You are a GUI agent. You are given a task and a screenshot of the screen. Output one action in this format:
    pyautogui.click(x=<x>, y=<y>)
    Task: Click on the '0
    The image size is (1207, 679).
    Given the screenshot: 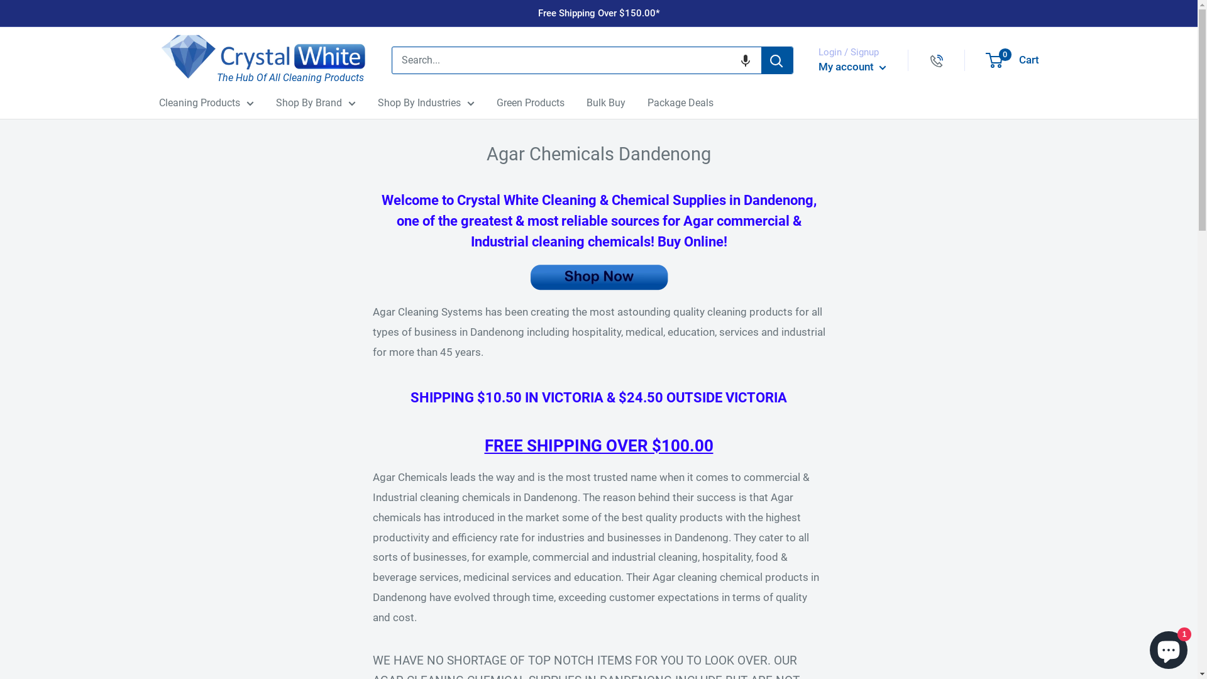 What is the action you would take?
    pyautogui.click(x=986, y=60)
    